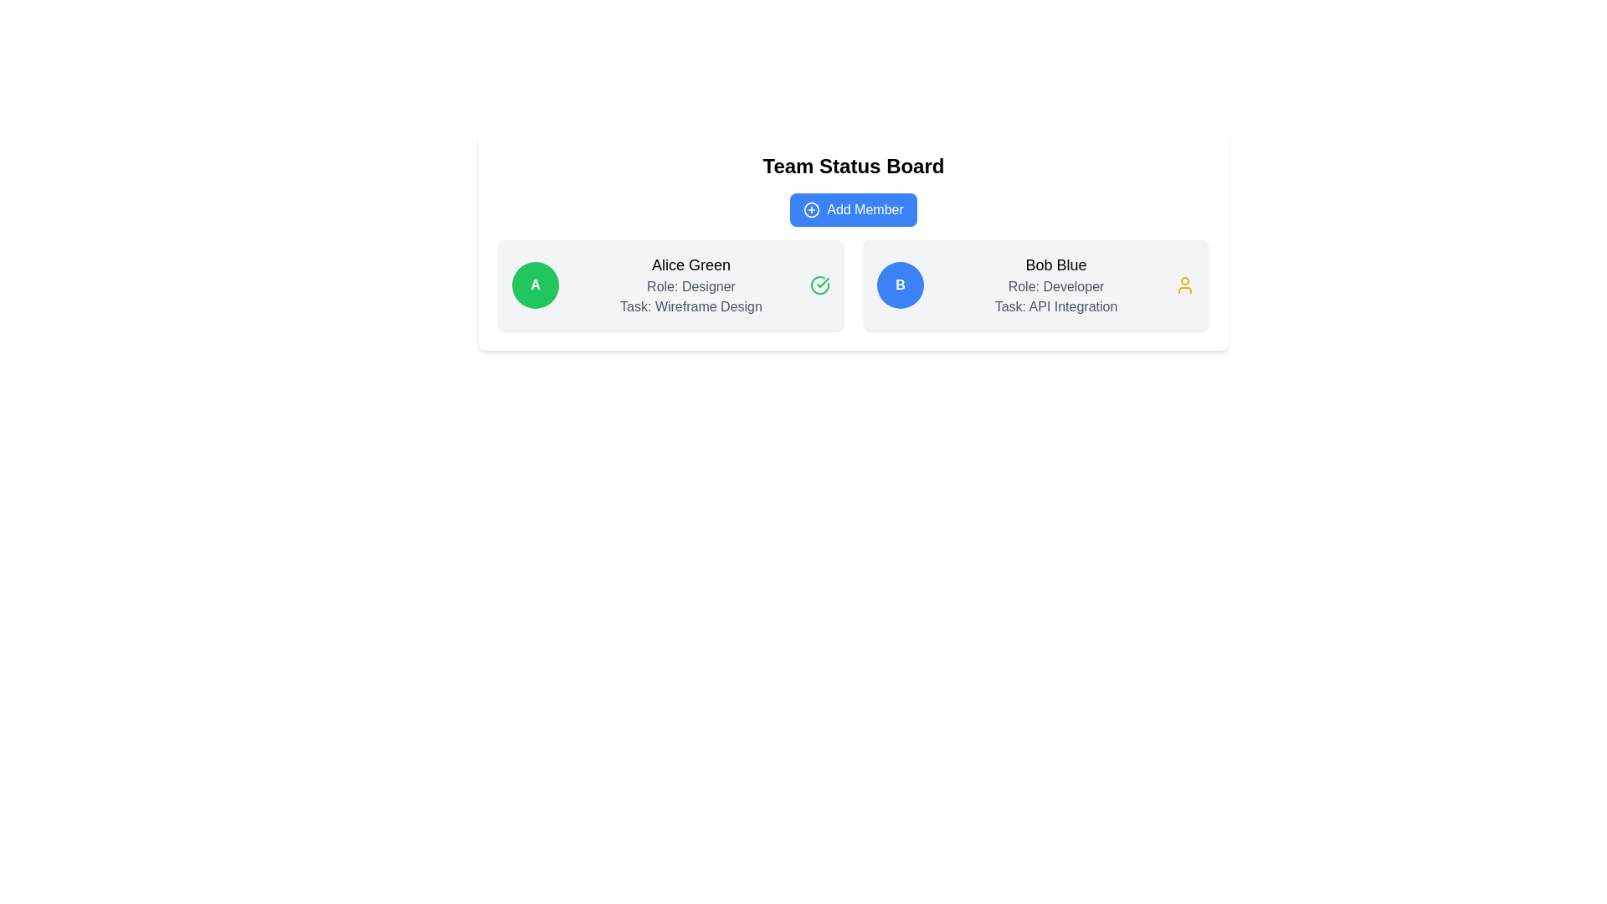 This screenshot has width=1607, height=904. I want to click on the SVG graphic icon indicating the completion status for Alice Green's task, located in the top-right corner of the left card under the 'Team Status Board', so click(819, 284).